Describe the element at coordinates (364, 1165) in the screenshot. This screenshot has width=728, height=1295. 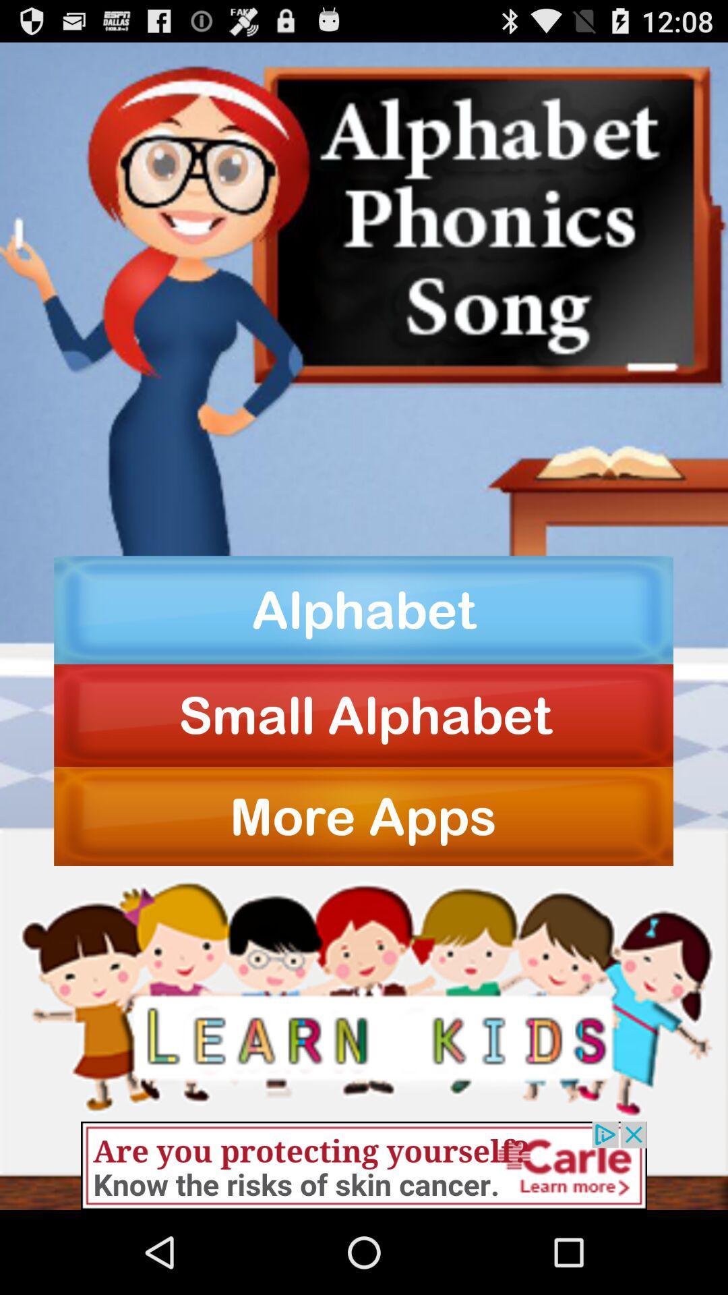
I see `banner advertisement` at that location.